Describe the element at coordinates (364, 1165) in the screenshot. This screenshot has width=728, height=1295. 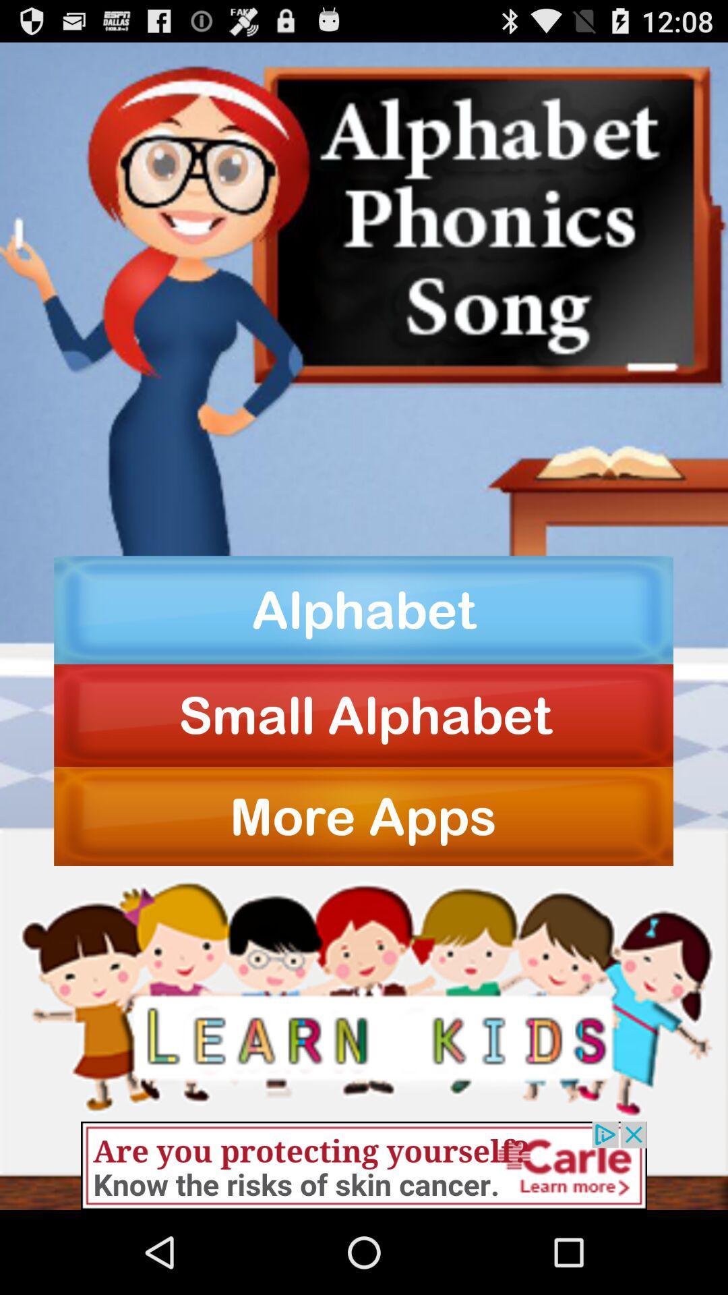
I see `banner advertisement` at that location.